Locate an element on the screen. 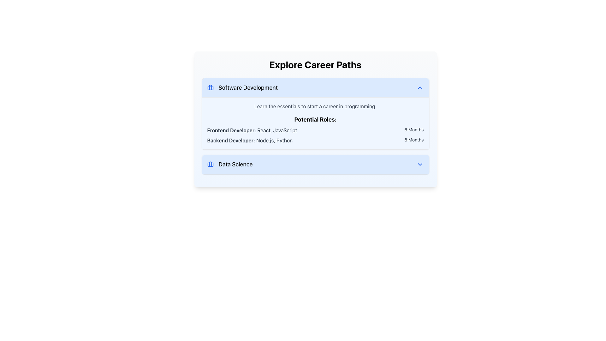 This screenshot has height=341, width=606. the Header with icon that features a briefcase icon and bold text 'Software Development', located centrally under the 'Explore Career Paths' heading is located at coordinates (242, 87).